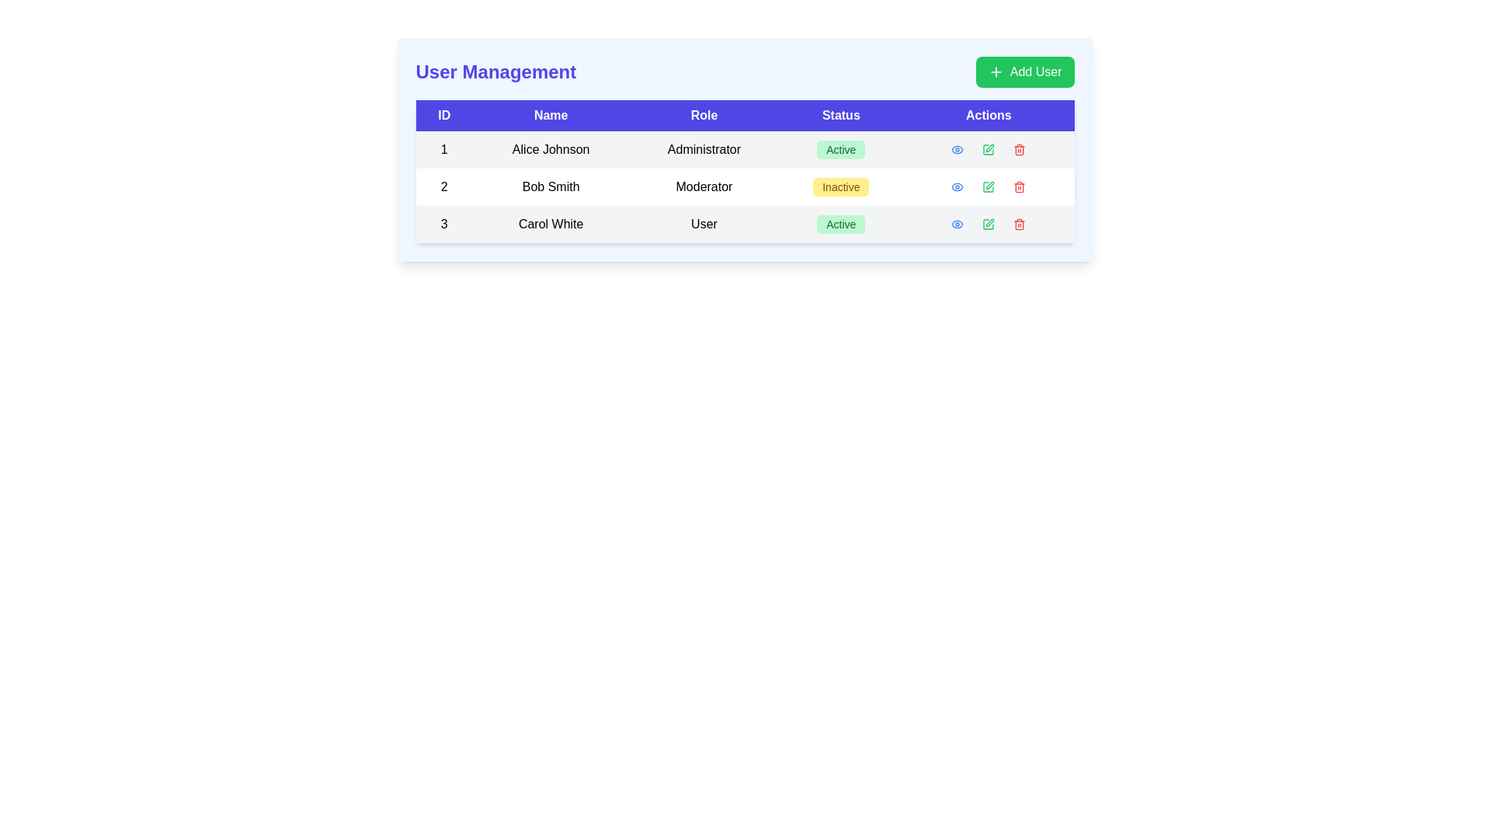  Describe the element at coordinates (840, 225) in the screenshot. I see `the non-interactive label indicating the status of user 'Carol White' as active, located in the third row of the table under the 'Status' column` at that location.